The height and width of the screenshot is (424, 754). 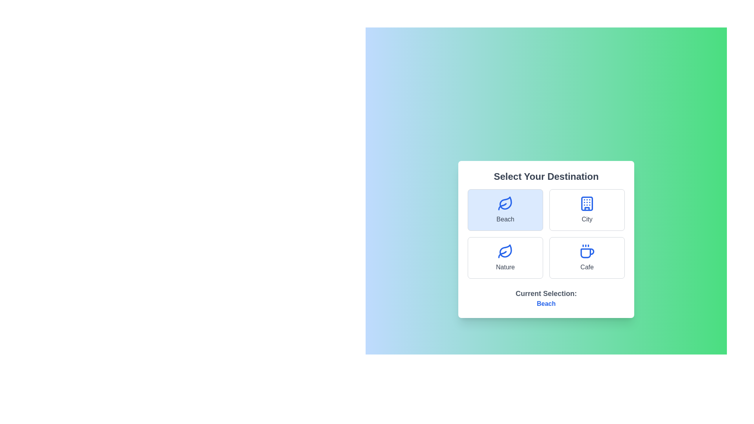 I want to click on the Nature option to select it, so click(x=505, y=258).